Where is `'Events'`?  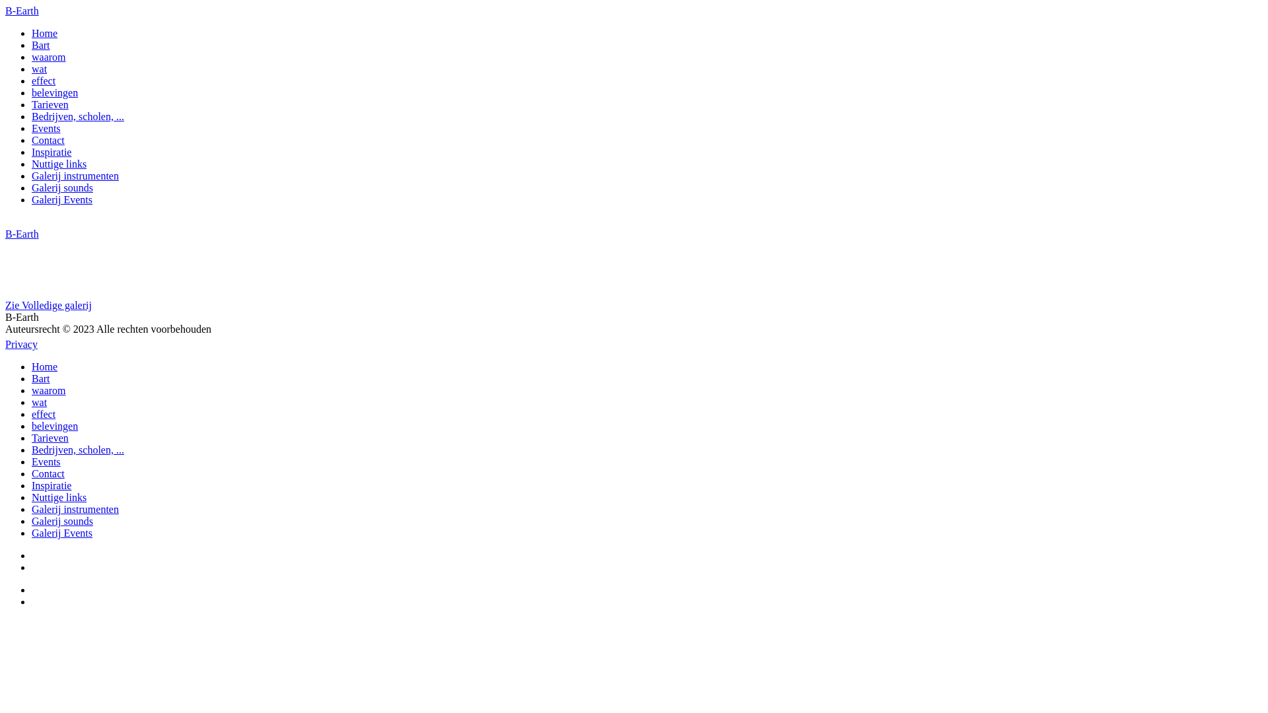
'Events' is located at coordinates (46, 461).